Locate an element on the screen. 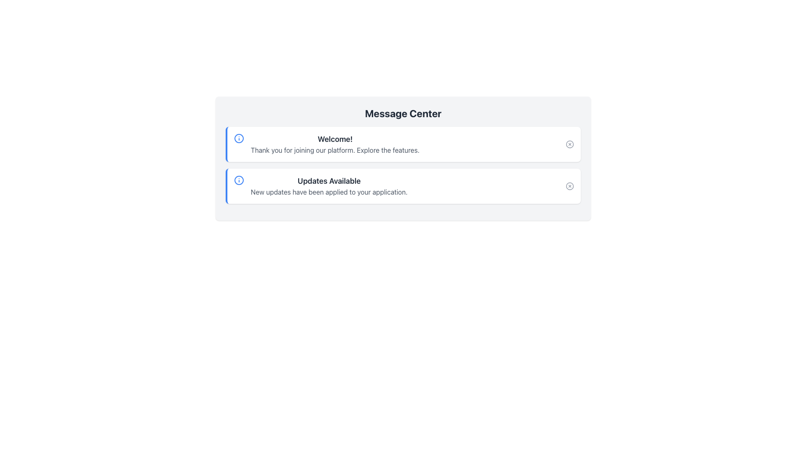 Image resolution: width=804 pixels, height=452 pixels. bold header text labeled 'Welcome!' which is centrally aligned at the top of the 'Message Center' interface is located at coordinates (335, 139).